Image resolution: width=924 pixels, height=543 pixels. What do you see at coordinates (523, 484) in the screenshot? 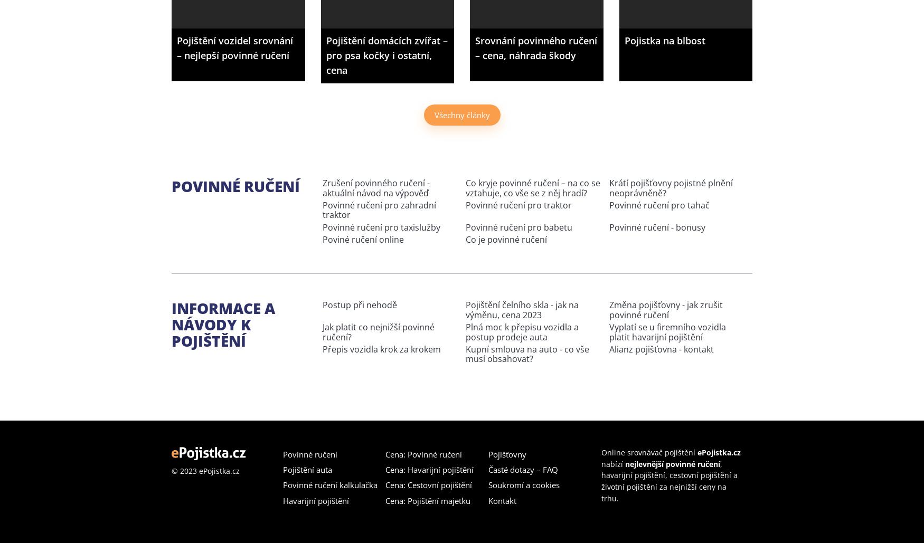
I see `'Soukromí a cookies'` at bounding box center [523, 484].